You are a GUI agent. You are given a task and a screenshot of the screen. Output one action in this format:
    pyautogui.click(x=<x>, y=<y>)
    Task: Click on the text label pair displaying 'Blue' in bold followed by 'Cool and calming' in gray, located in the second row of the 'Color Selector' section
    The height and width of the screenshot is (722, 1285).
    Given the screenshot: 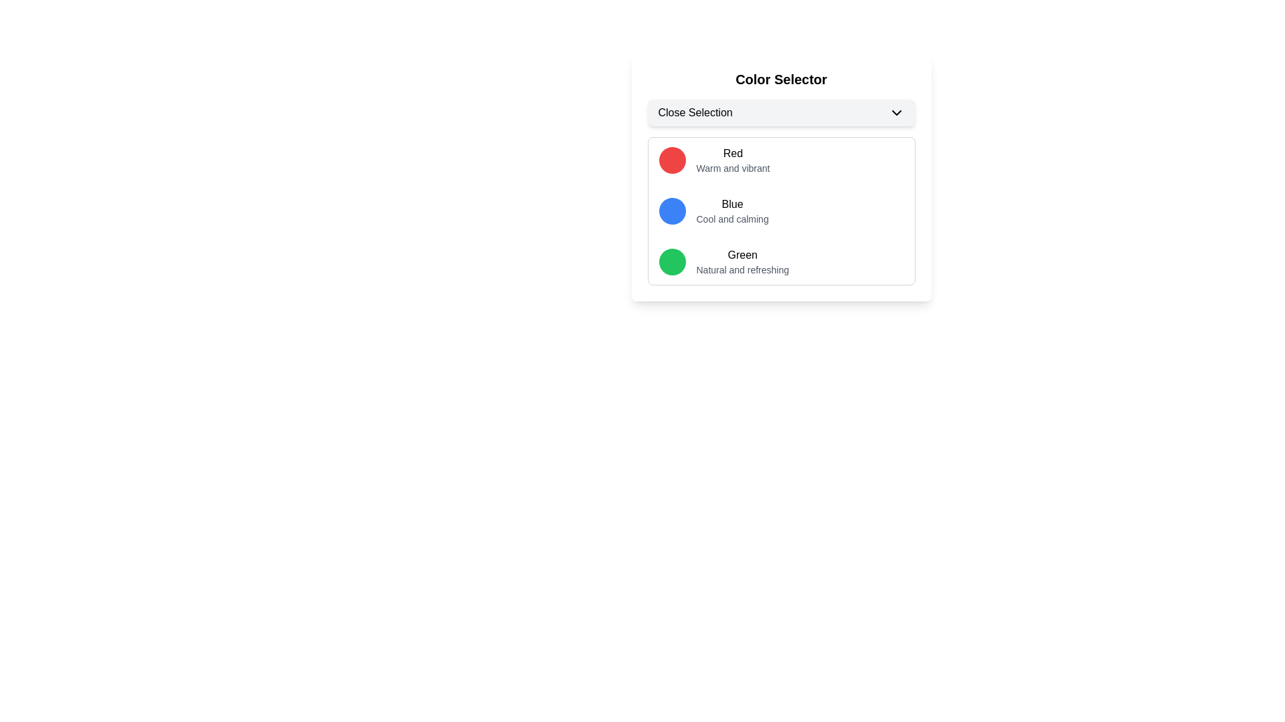 What is the action you would take?
    pyautogui.click(x=732, y=211)
    